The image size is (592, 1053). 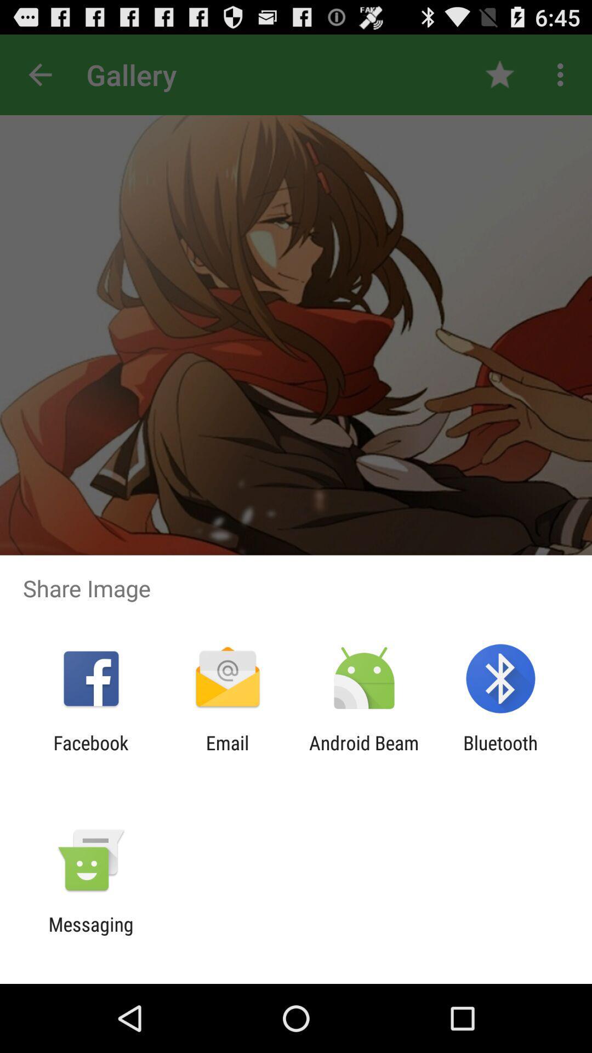 What do you see at coordinates (364, 754) in the screenshot?
I see `the app next to bluetooth icon` at bounding box center [364, 754].